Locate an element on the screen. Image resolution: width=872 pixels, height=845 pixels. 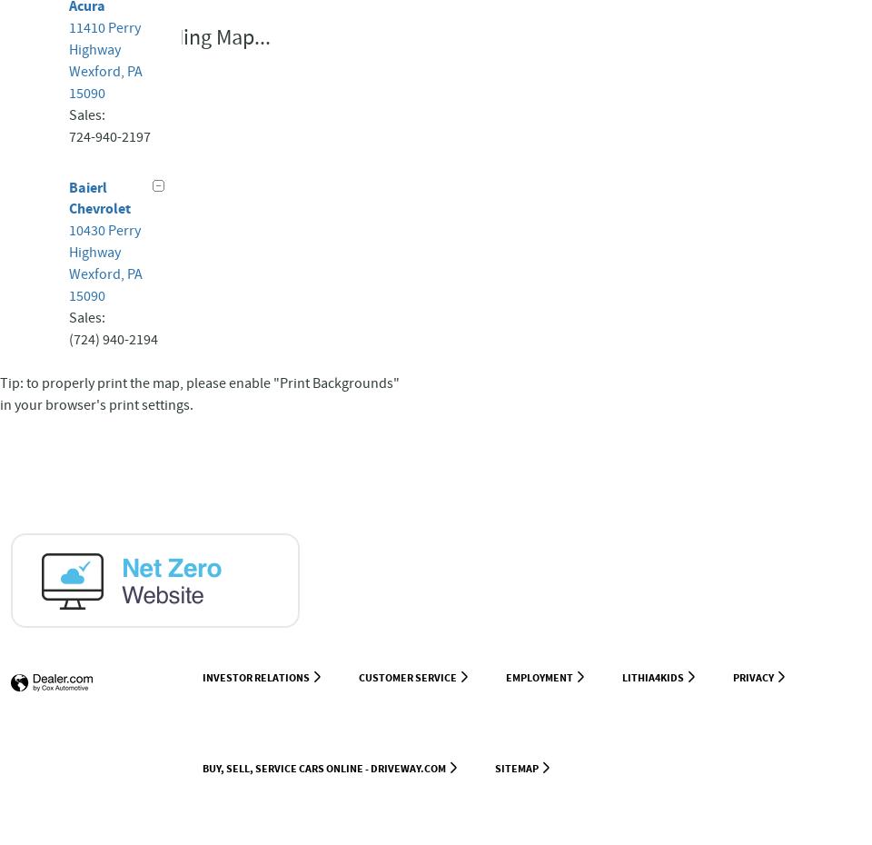
'Loading Map...' is located at coordinates (204, 36).